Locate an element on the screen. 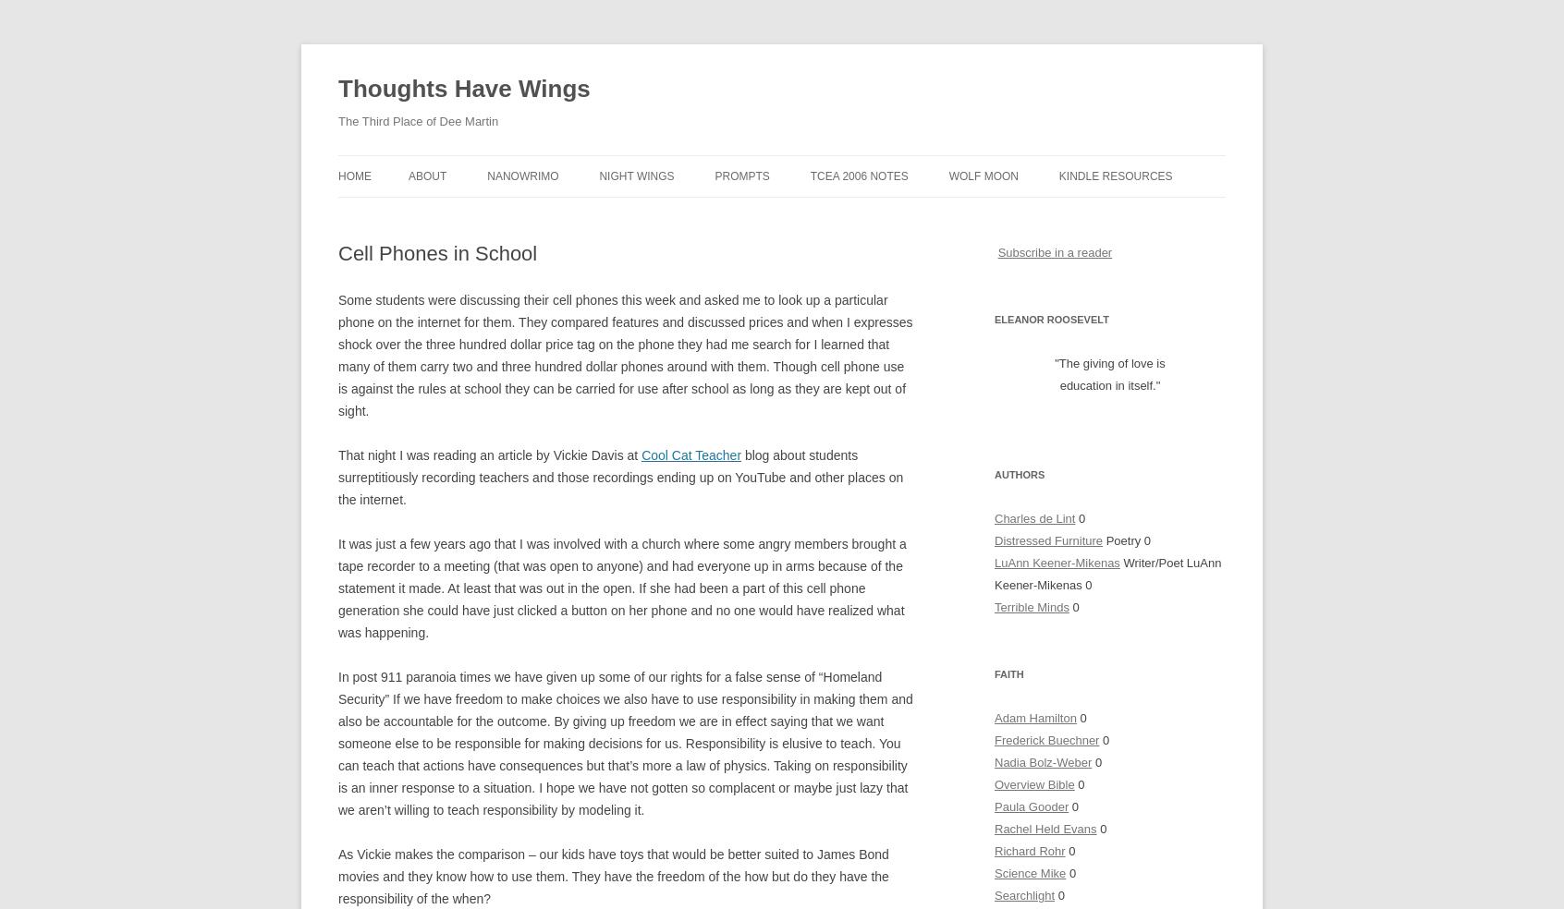 The height and width of the screenshot is (909, 1564). 'Searchlight' is located at coordinates (1024, 895).